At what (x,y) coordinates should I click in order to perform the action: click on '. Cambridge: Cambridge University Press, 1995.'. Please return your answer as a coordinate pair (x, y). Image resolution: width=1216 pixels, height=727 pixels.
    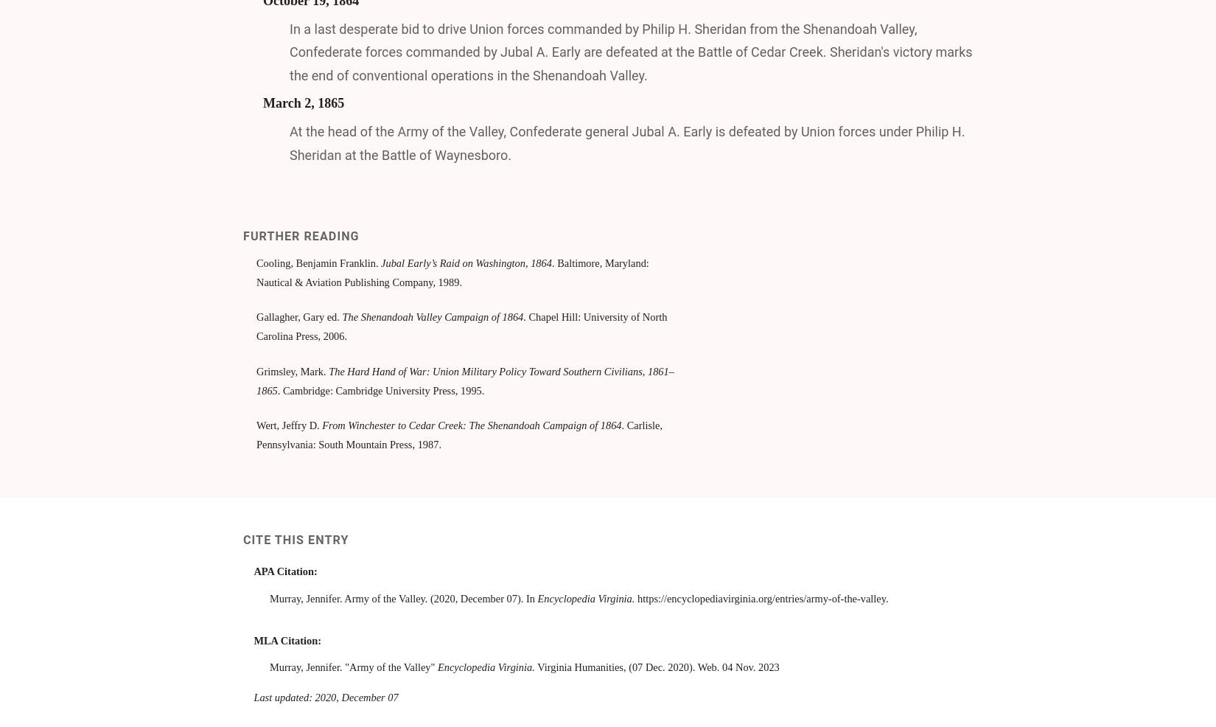
    Looking at the image, I should click on (380, 389).